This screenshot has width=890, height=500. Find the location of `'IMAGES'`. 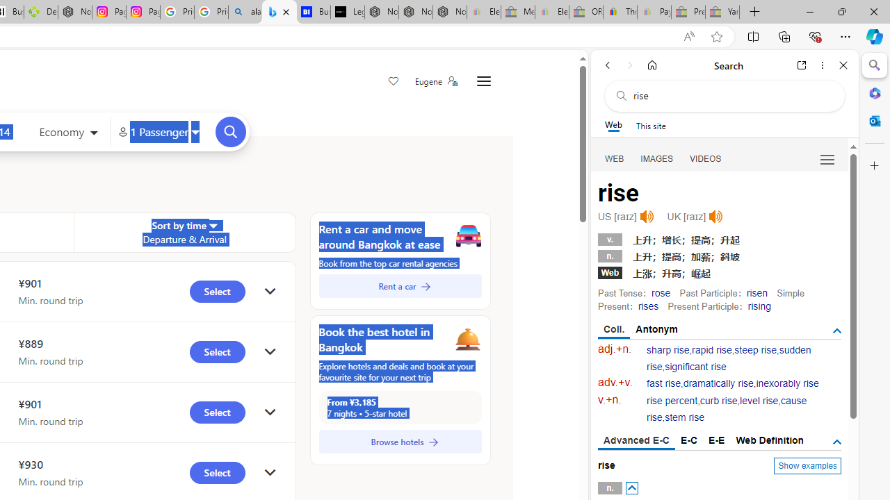

'IMAGES' is located at coordinates (656, 158).